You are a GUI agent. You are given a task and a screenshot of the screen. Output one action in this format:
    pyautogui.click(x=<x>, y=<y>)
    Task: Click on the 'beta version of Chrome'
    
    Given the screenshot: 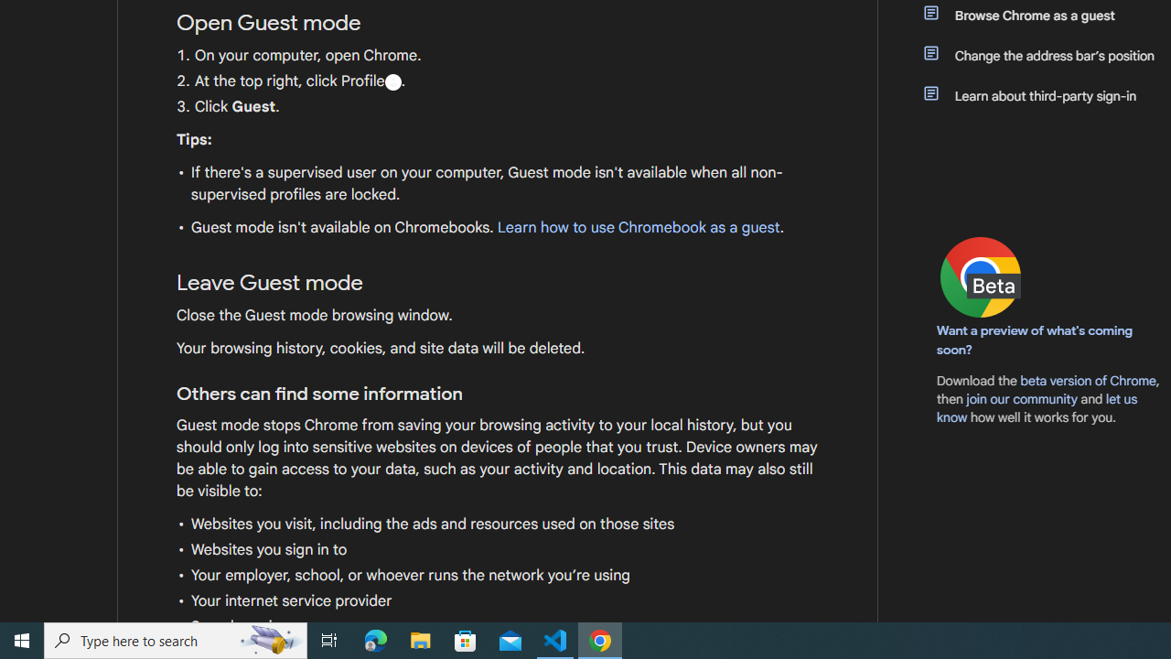 What is the action you would take?
    pyautogui.click(x=1088, y=379)
    